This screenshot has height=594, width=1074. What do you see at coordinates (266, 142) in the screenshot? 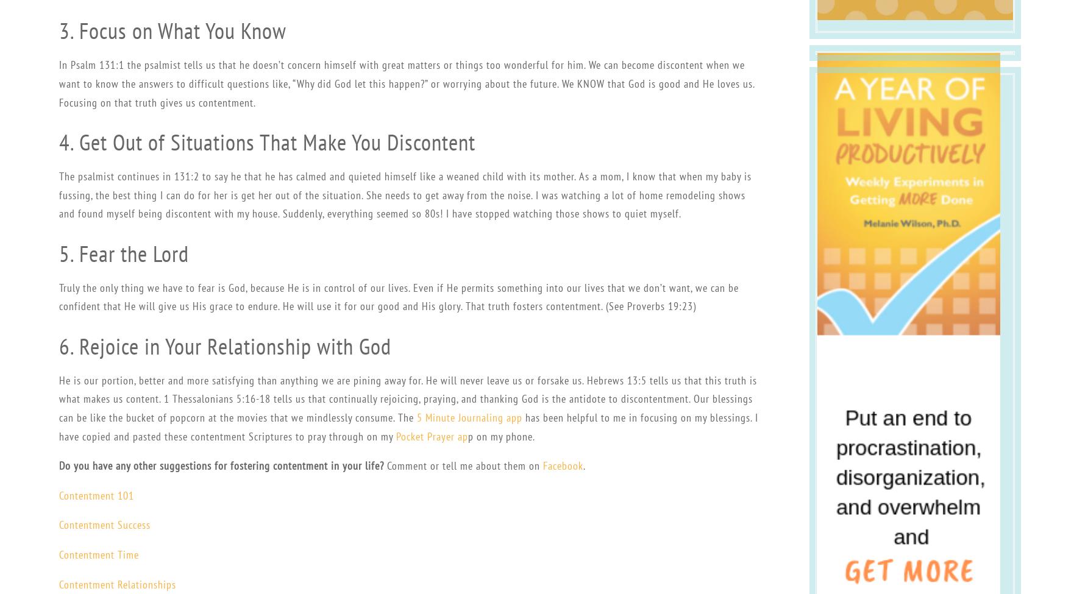
I see `'4. Get Out of Situations That Make You Discontent'` at bounding box center [266, 142].